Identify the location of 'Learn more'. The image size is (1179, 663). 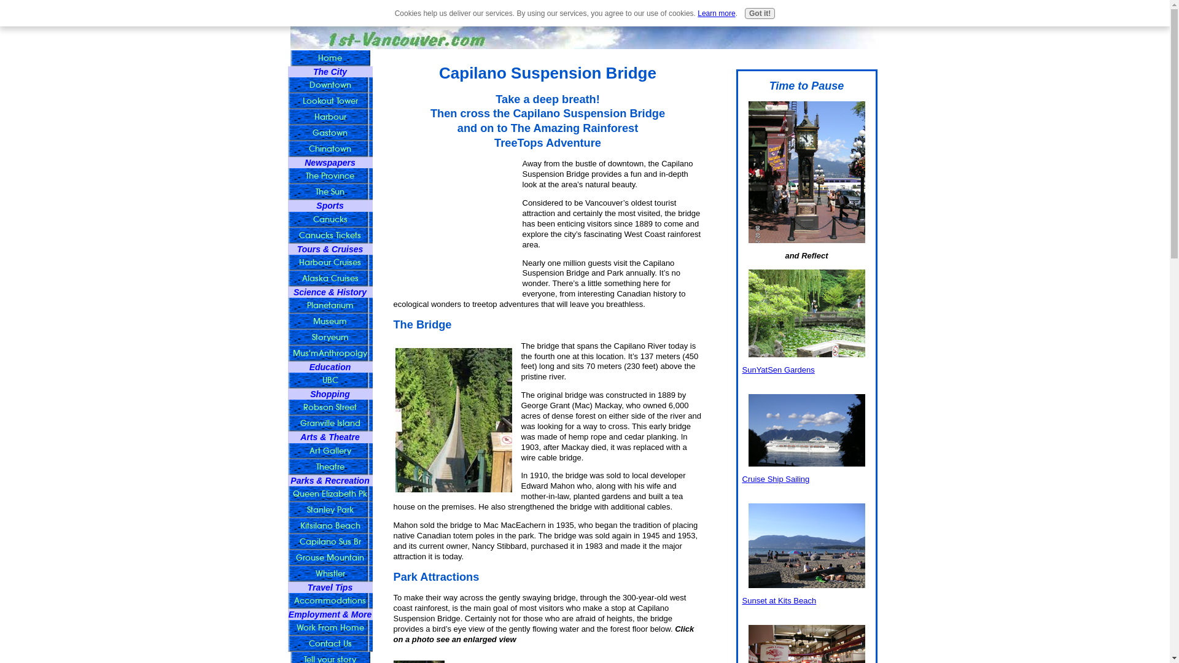
(716, 14).